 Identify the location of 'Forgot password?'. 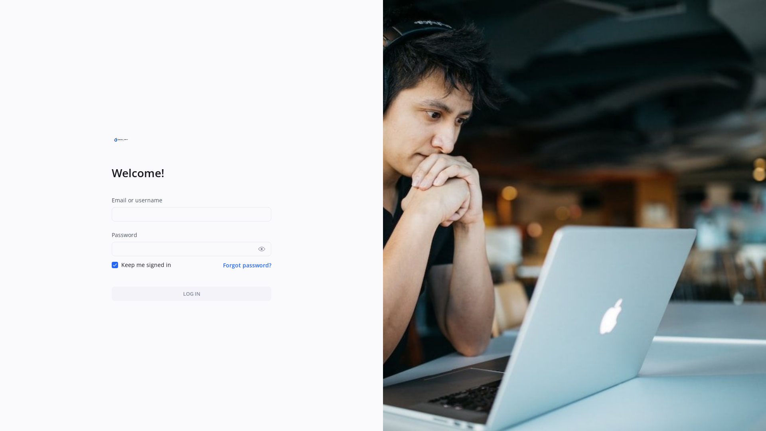
(223, 265).